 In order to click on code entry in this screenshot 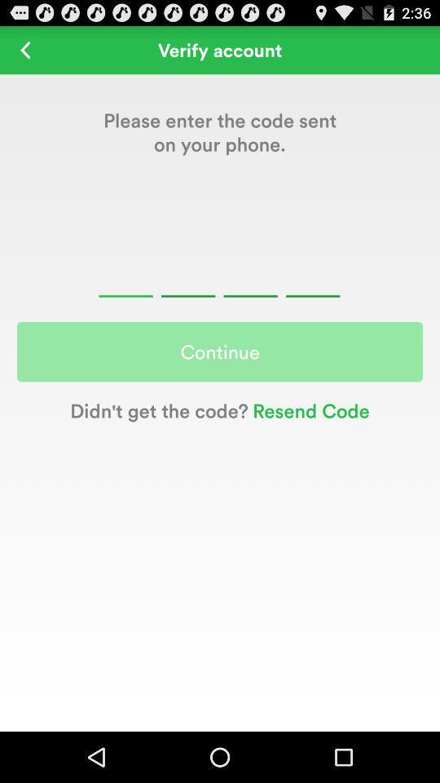, I will do `click(219, 276)`.